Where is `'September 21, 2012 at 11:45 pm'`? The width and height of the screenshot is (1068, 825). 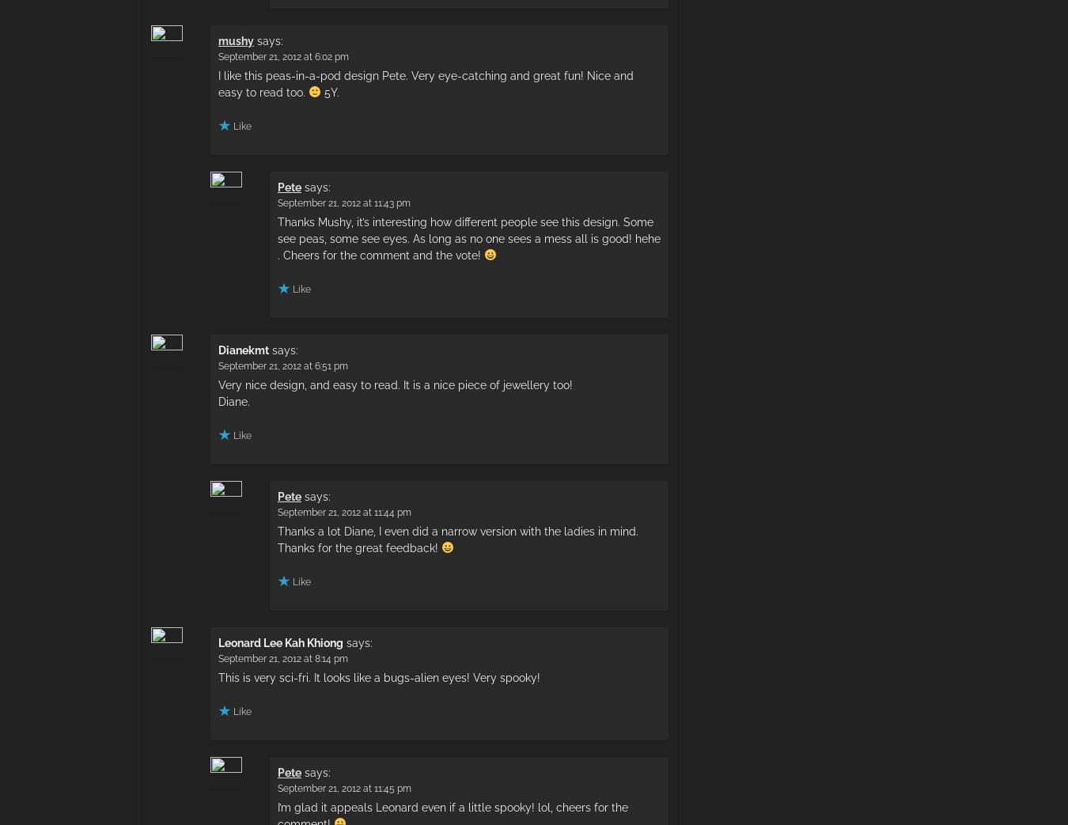 'September 21, 2012 at 11:45 pm' is located at coordinates (344, 787).